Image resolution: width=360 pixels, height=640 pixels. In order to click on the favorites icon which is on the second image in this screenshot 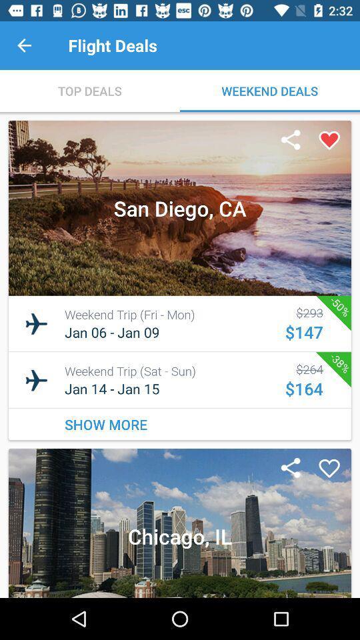, I will do `click(329, 469)`.